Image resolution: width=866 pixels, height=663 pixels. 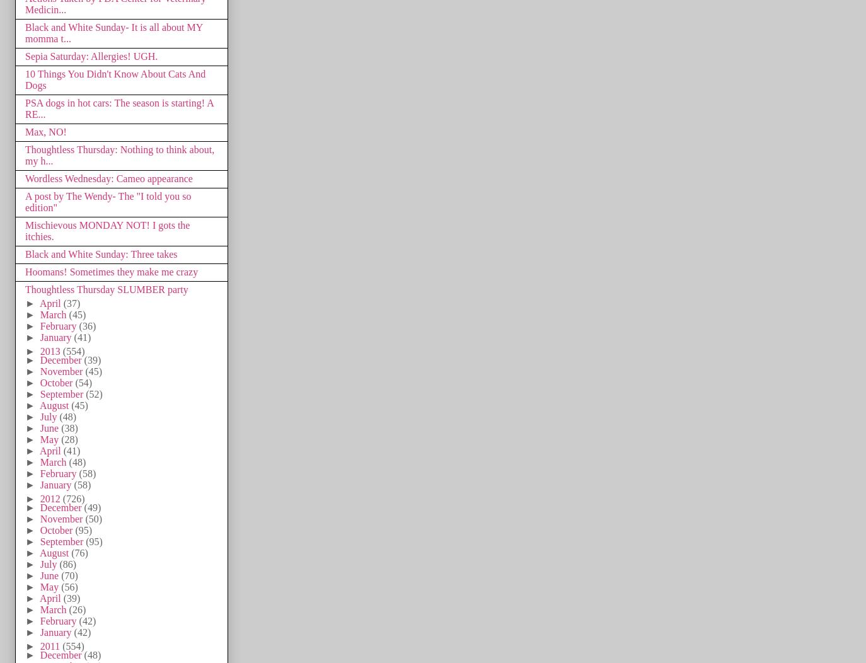 What do you see at coordinates (69, 575) in the screenshot?
I see `'(70)'` at bounding box center [69, 575].